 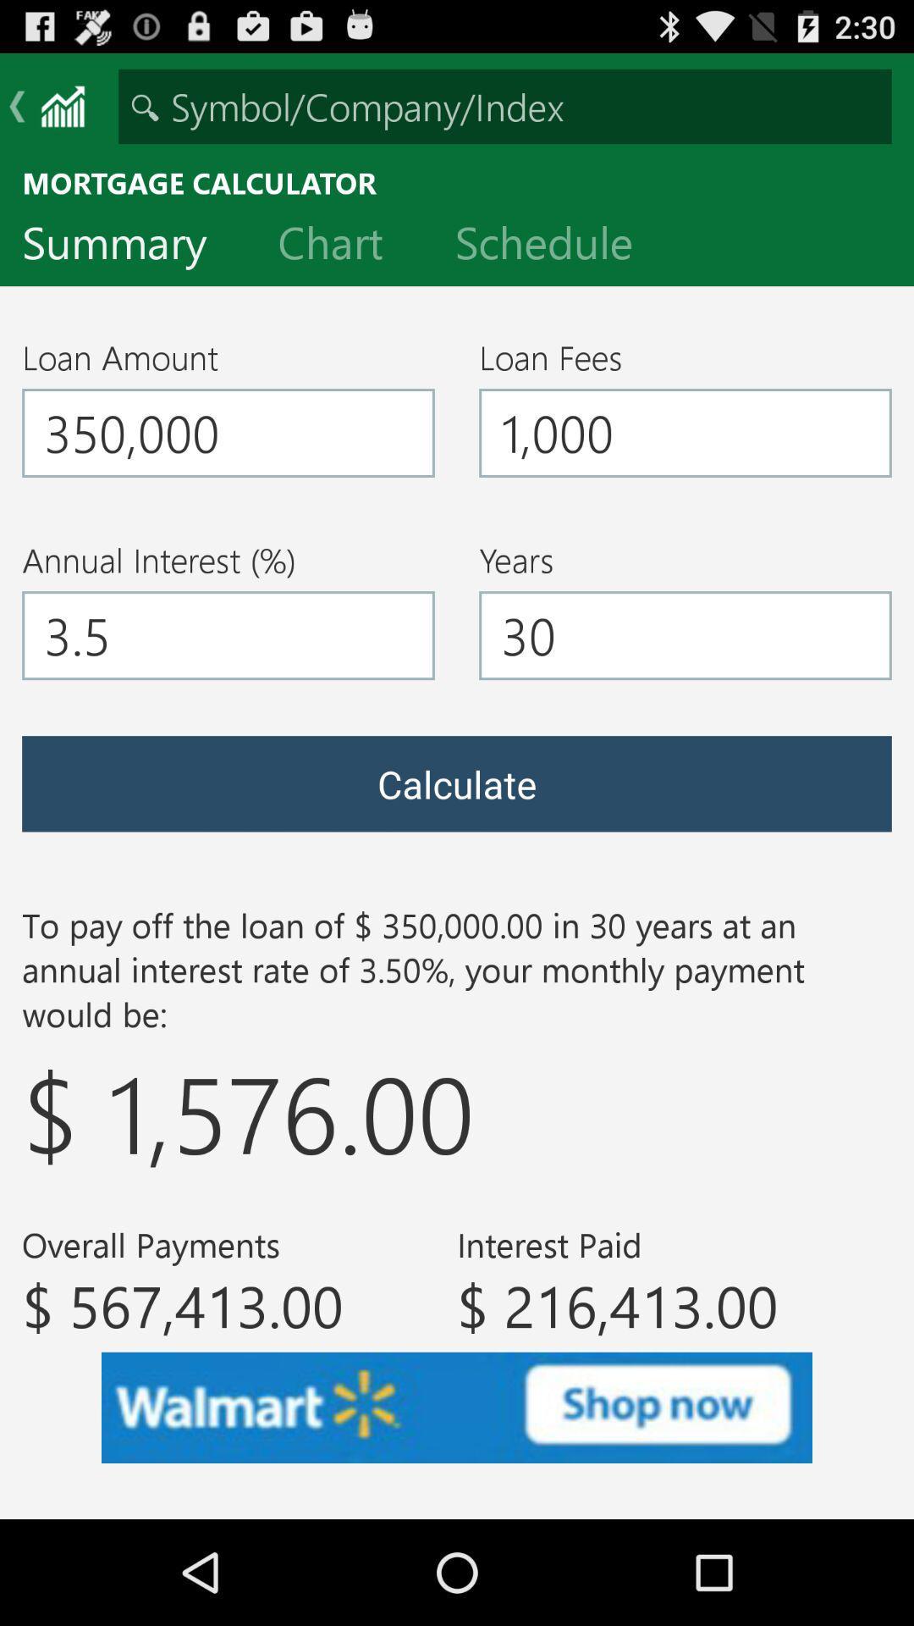 I want to click on item to the left of schedule item, so click(x=343, y=246).